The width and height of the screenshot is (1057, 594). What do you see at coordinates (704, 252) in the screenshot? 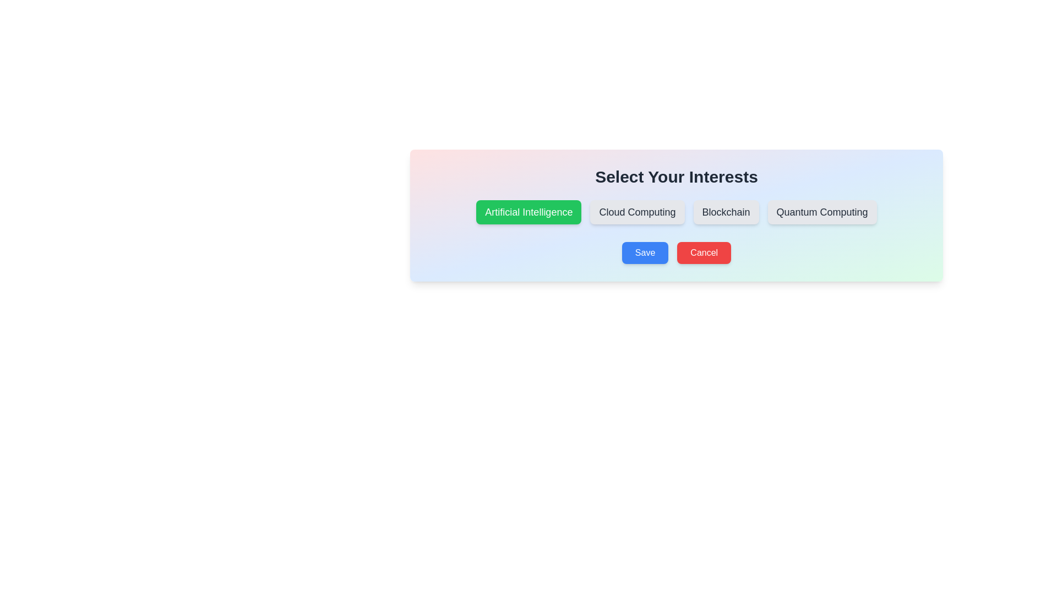
I see `the 'Cancel' button to discard changes` at bounding box center [704, 252].